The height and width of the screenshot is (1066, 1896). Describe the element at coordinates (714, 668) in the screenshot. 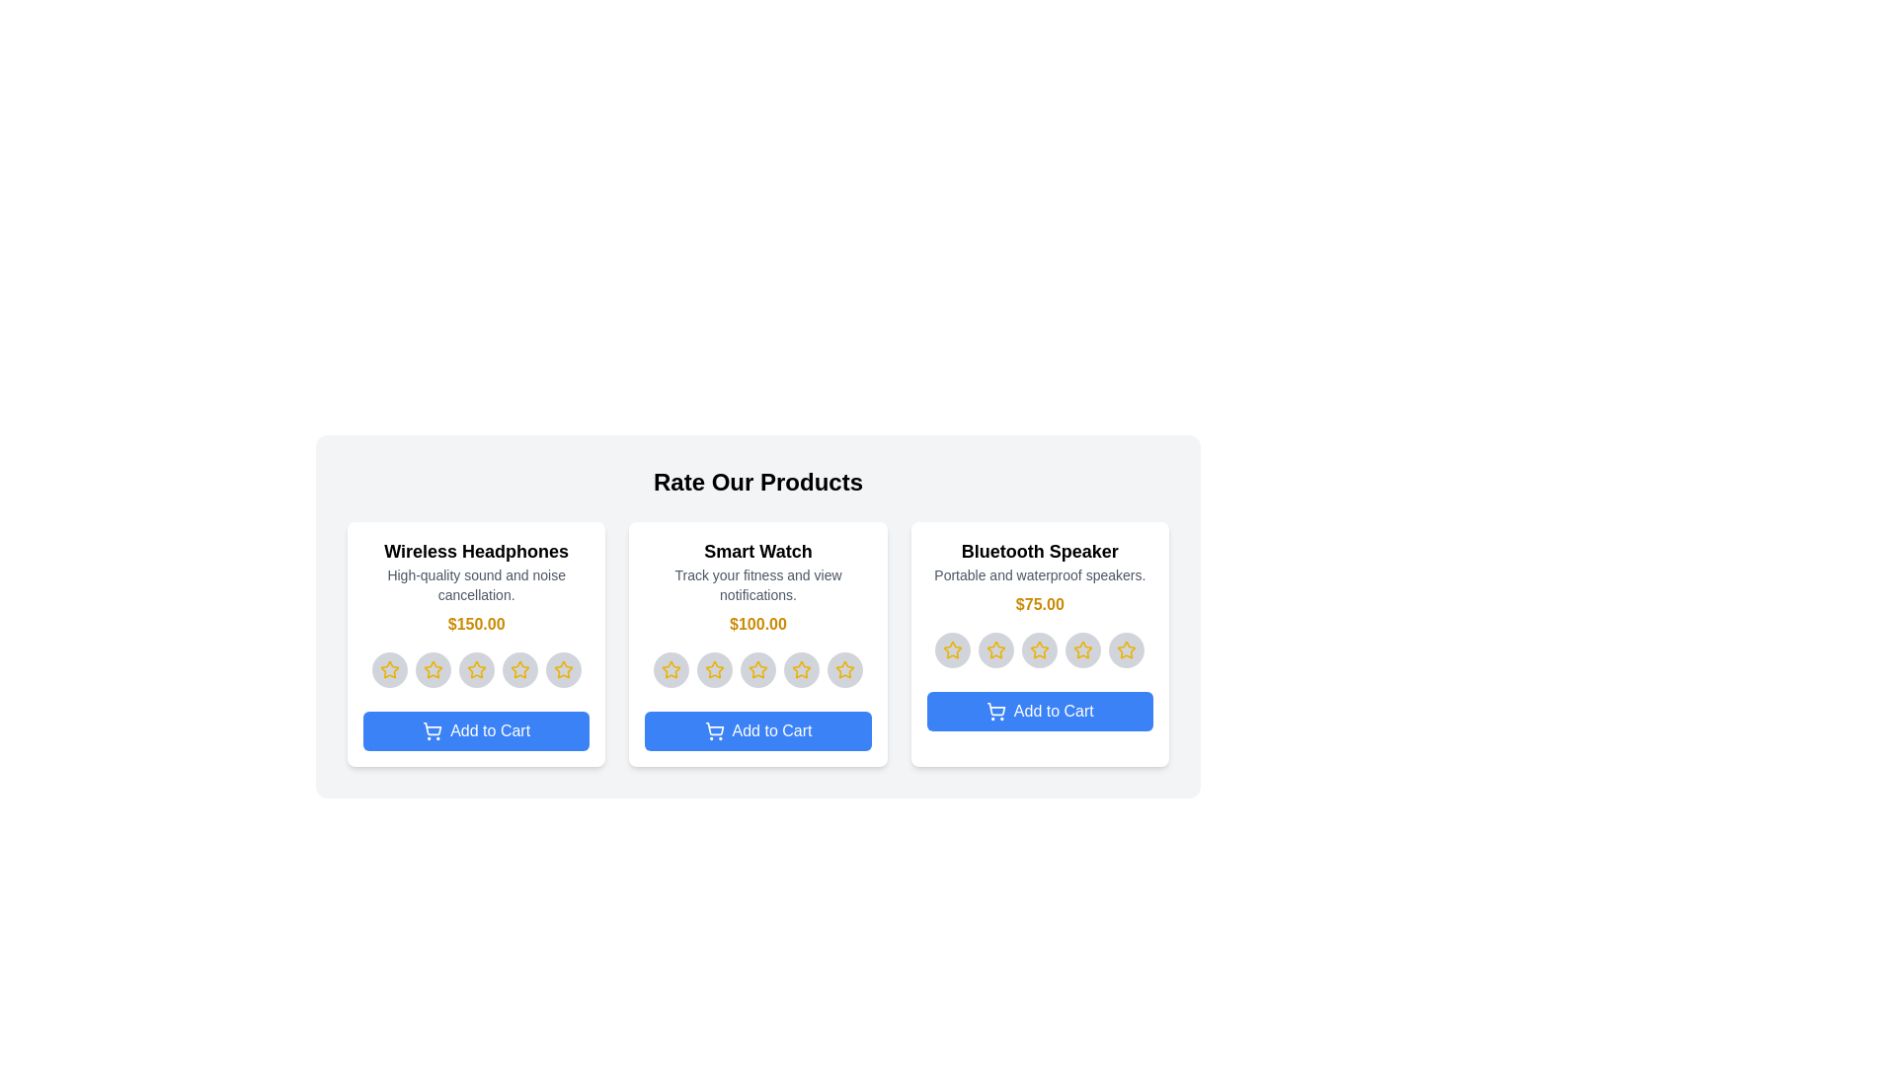

I see `the star corresponding to 2 for the product 'Smart Watch'` at that location.